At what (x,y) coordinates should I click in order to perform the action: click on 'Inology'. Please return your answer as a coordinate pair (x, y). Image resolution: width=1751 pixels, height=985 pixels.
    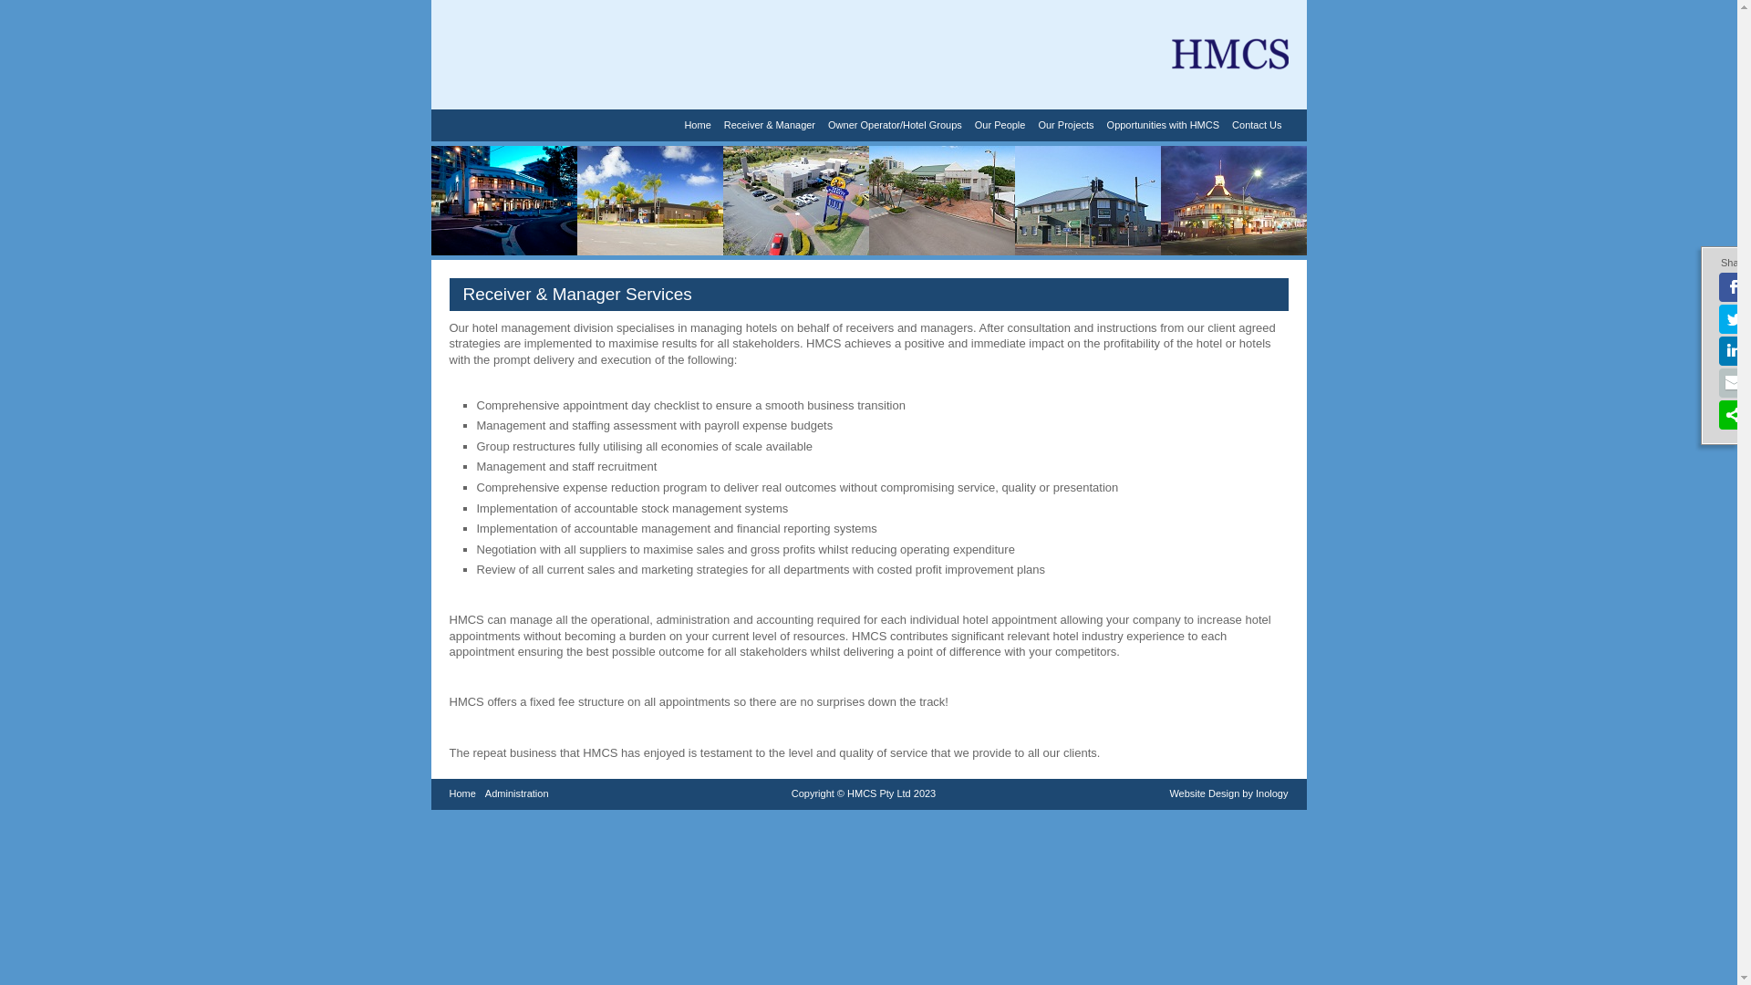
    Looking at the image, I should click on (1270, 793).